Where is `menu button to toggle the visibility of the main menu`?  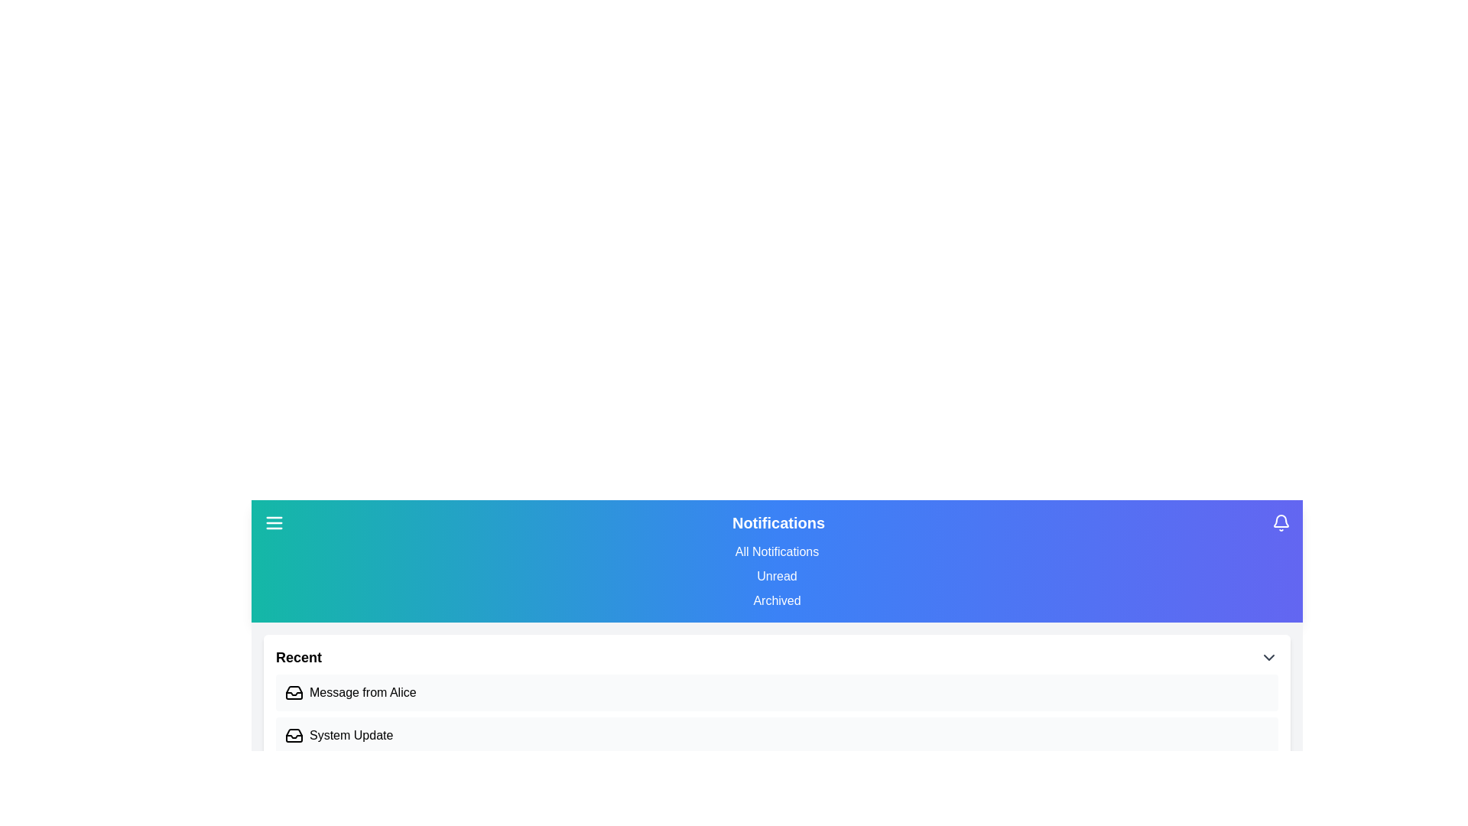 menu button to toggle the visibility of the main menu is located at coordinates (274, 522).